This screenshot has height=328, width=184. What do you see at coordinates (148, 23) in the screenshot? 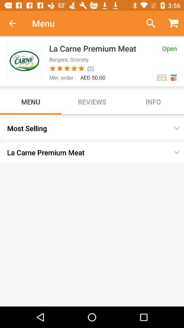
I see `search` at bounding box center [148, 23].